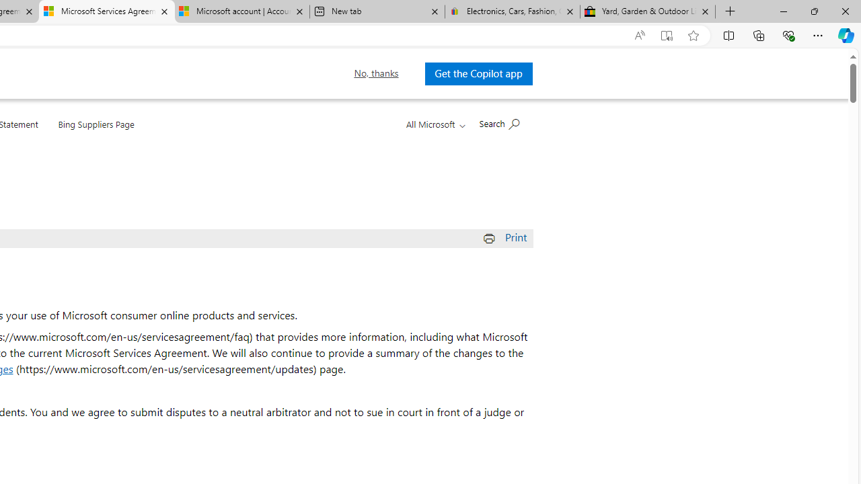 This screenshot has height=484, width=861. Describe the element at coordinates (506, 236) in the screenshot. I see `'Print'` at that location.